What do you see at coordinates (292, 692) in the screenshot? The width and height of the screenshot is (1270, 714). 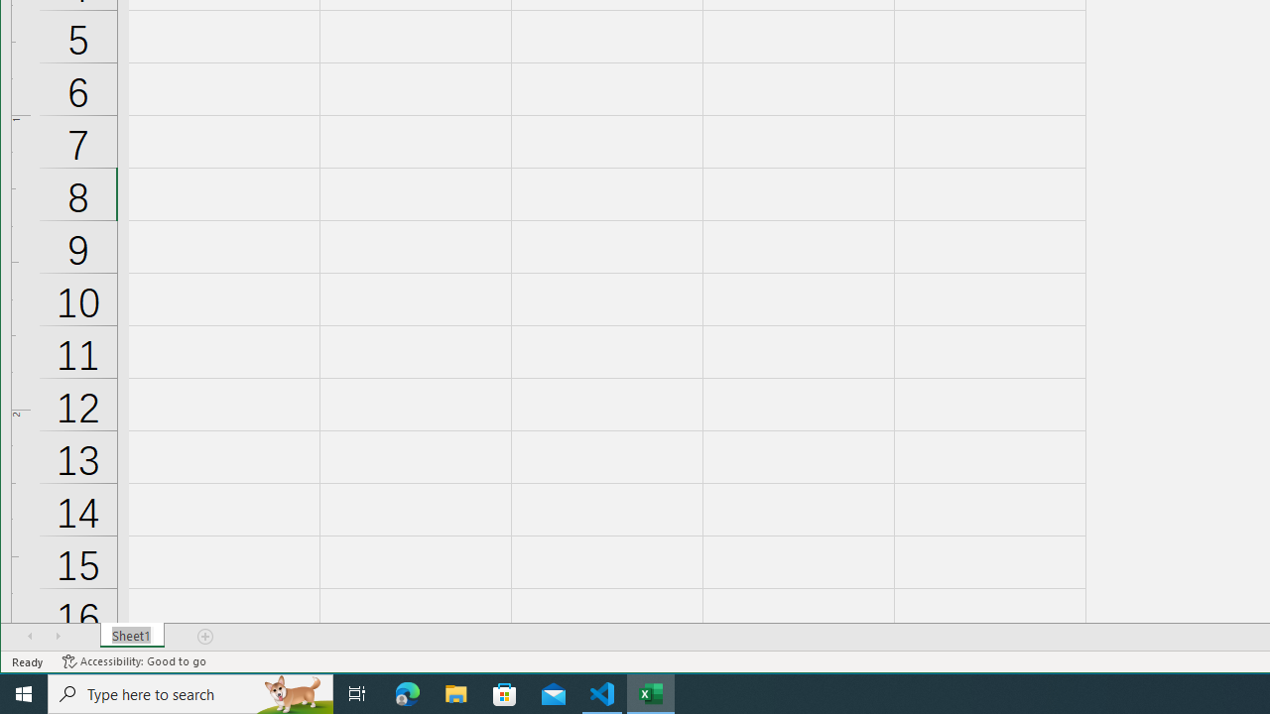 I see `'Search highlights icon opens search home window'` at bounding box center [292, 692].